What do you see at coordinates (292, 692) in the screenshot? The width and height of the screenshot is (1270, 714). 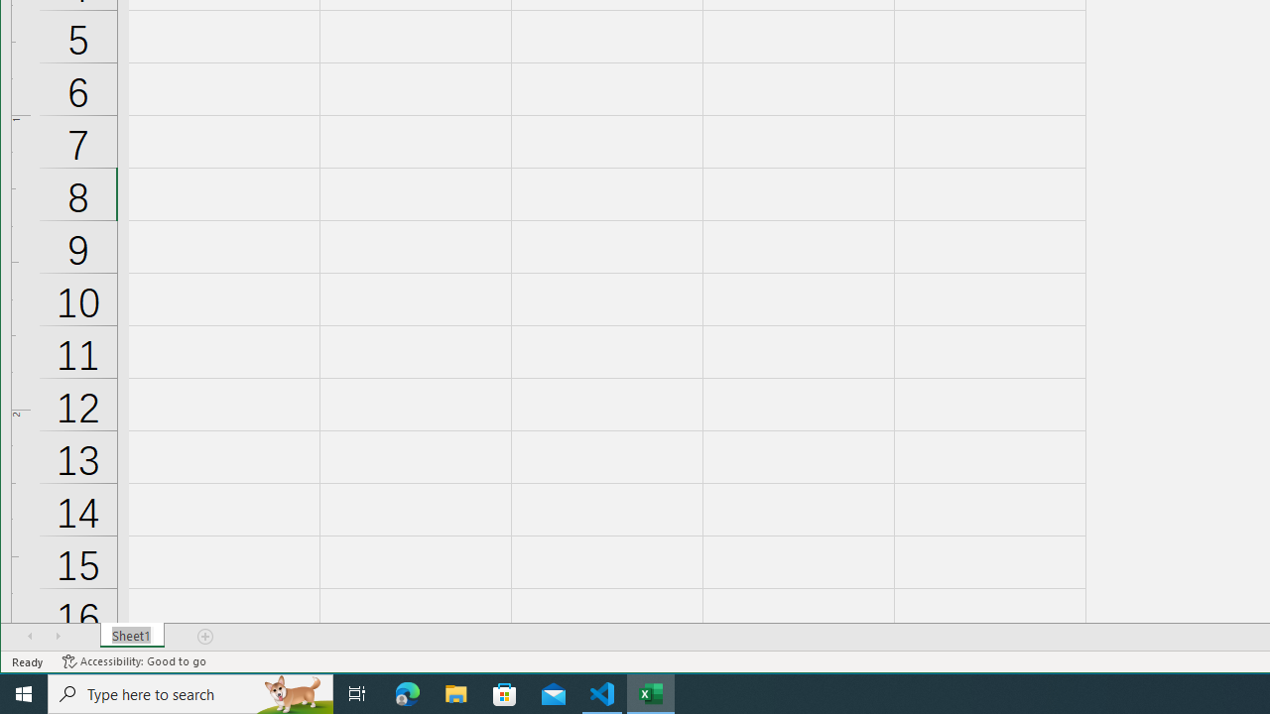 I see `'Search highlights icon opens search home window'` at bounding box center [292, 692].